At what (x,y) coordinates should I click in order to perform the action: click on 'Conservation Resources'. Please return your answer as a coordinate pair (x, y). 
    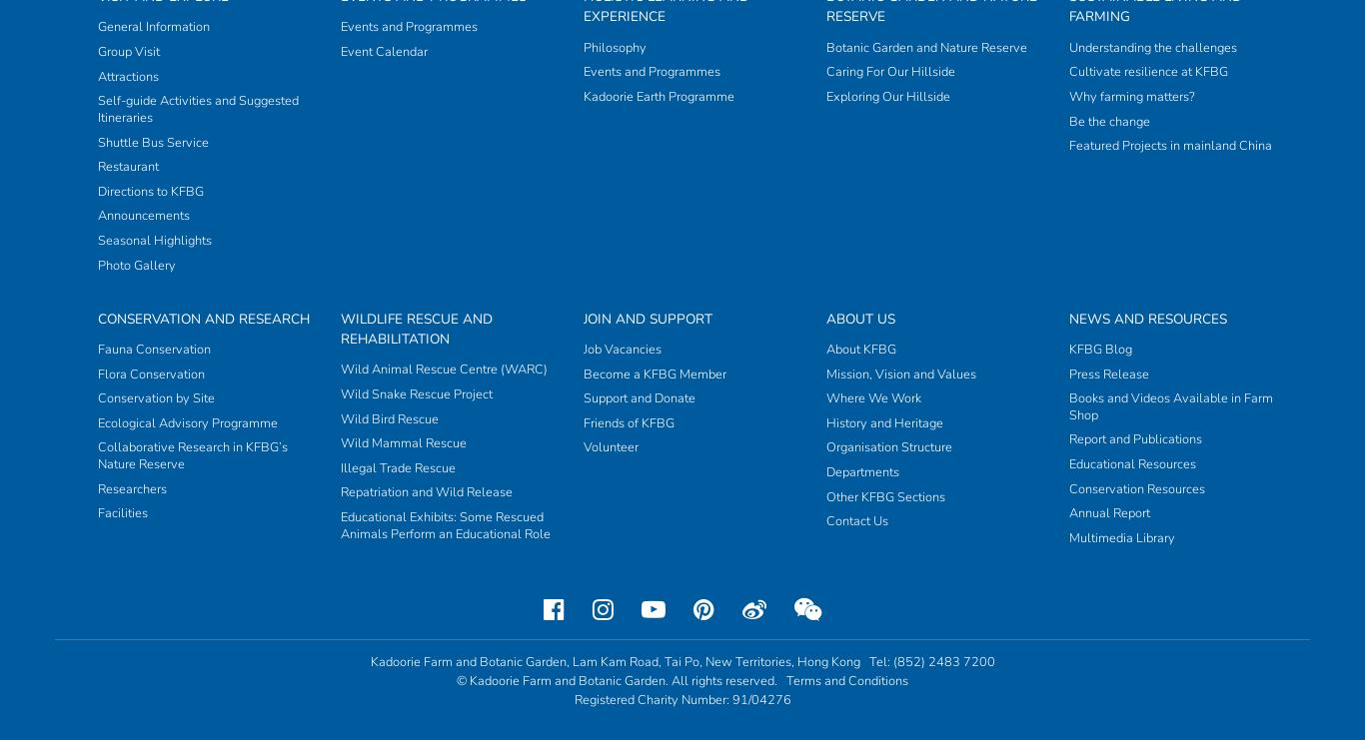
    Looking at the image, I should click on (1067, 98).